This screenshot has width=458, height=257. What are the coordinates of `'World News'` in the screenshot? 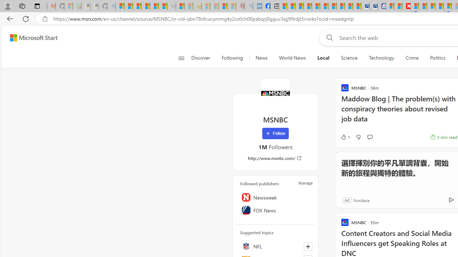 It's located at (292, 58).